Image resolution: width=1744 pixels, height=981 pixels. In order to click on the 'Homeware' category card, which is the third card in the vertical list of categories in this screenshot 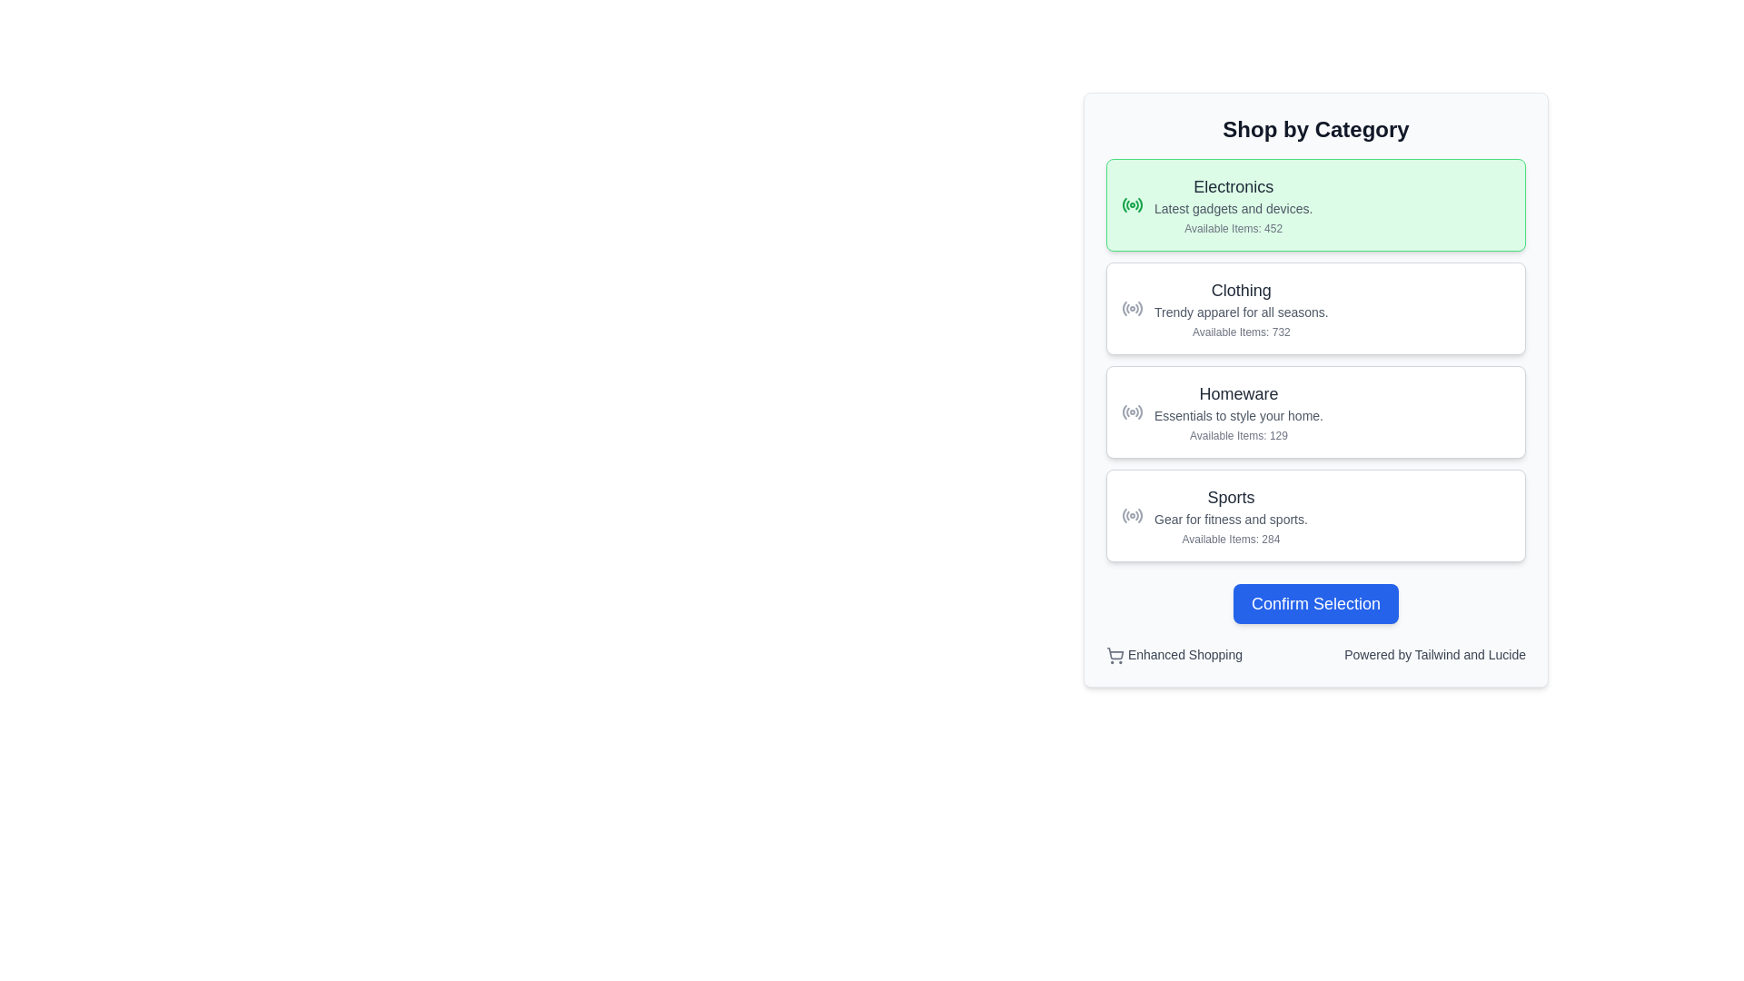, I will do `click(1316, 412)`.